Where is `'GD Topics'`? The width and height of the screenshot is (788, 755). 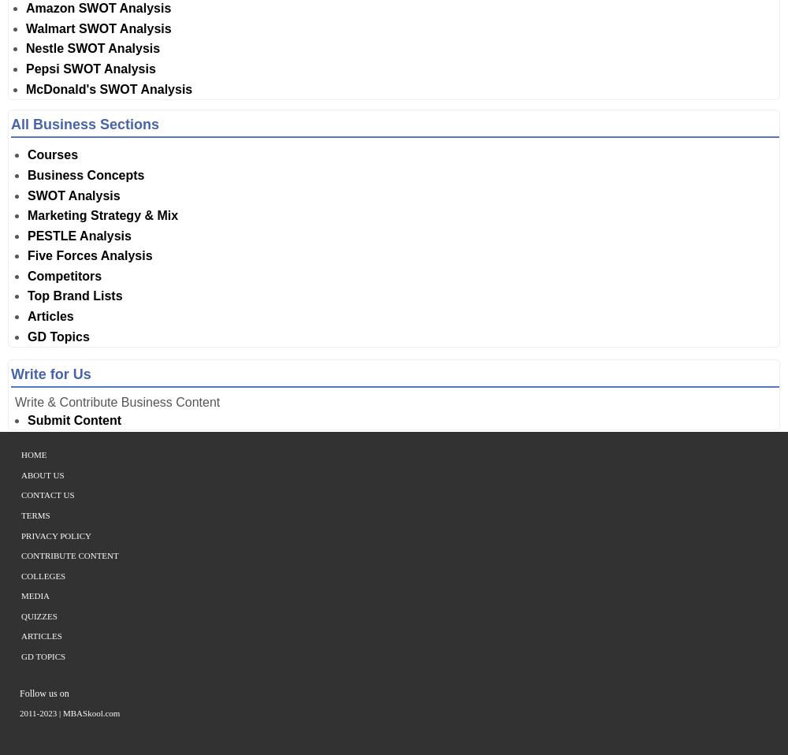 'GD Topics' is located at coordinates (43, 655).